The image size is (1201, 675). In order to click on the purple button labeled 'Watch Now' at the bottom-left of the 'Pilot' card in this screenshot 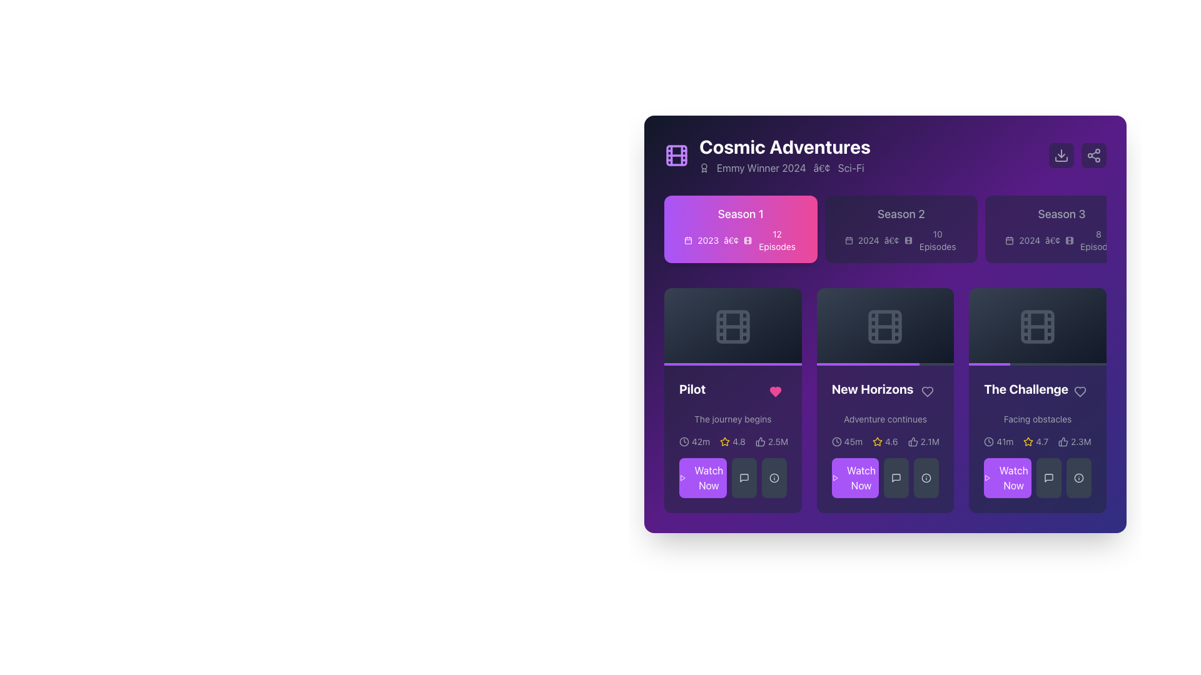, I will do `click(732, 477)`.